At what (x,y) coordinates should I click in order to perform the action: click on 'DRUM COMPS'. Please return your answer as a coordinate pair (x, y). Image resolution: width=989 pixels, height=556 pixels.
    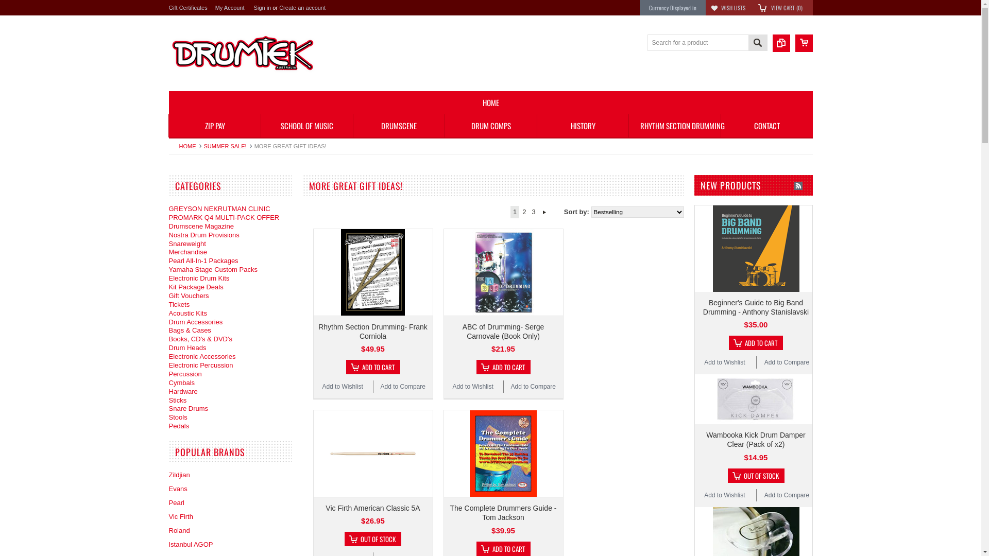
    Looking at the image, I should click on (490, 125).